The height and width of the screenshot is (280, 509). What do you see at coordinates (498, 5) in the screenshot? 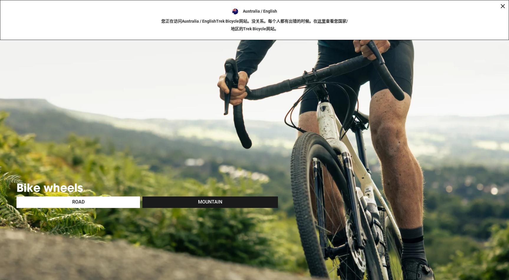
I see `'shopping_cart'` at bounding box center [498, 5].